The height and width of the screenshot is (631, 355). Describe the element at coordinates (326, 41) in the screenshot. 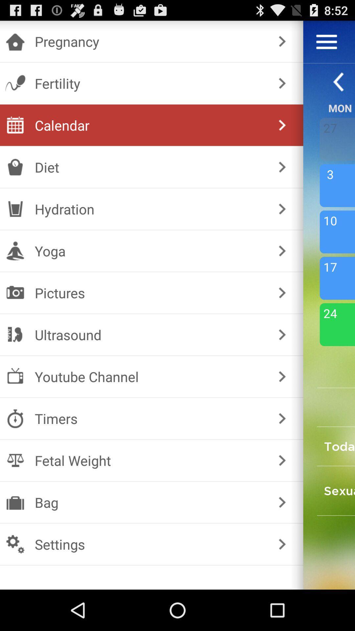

I see `menu` at that location.